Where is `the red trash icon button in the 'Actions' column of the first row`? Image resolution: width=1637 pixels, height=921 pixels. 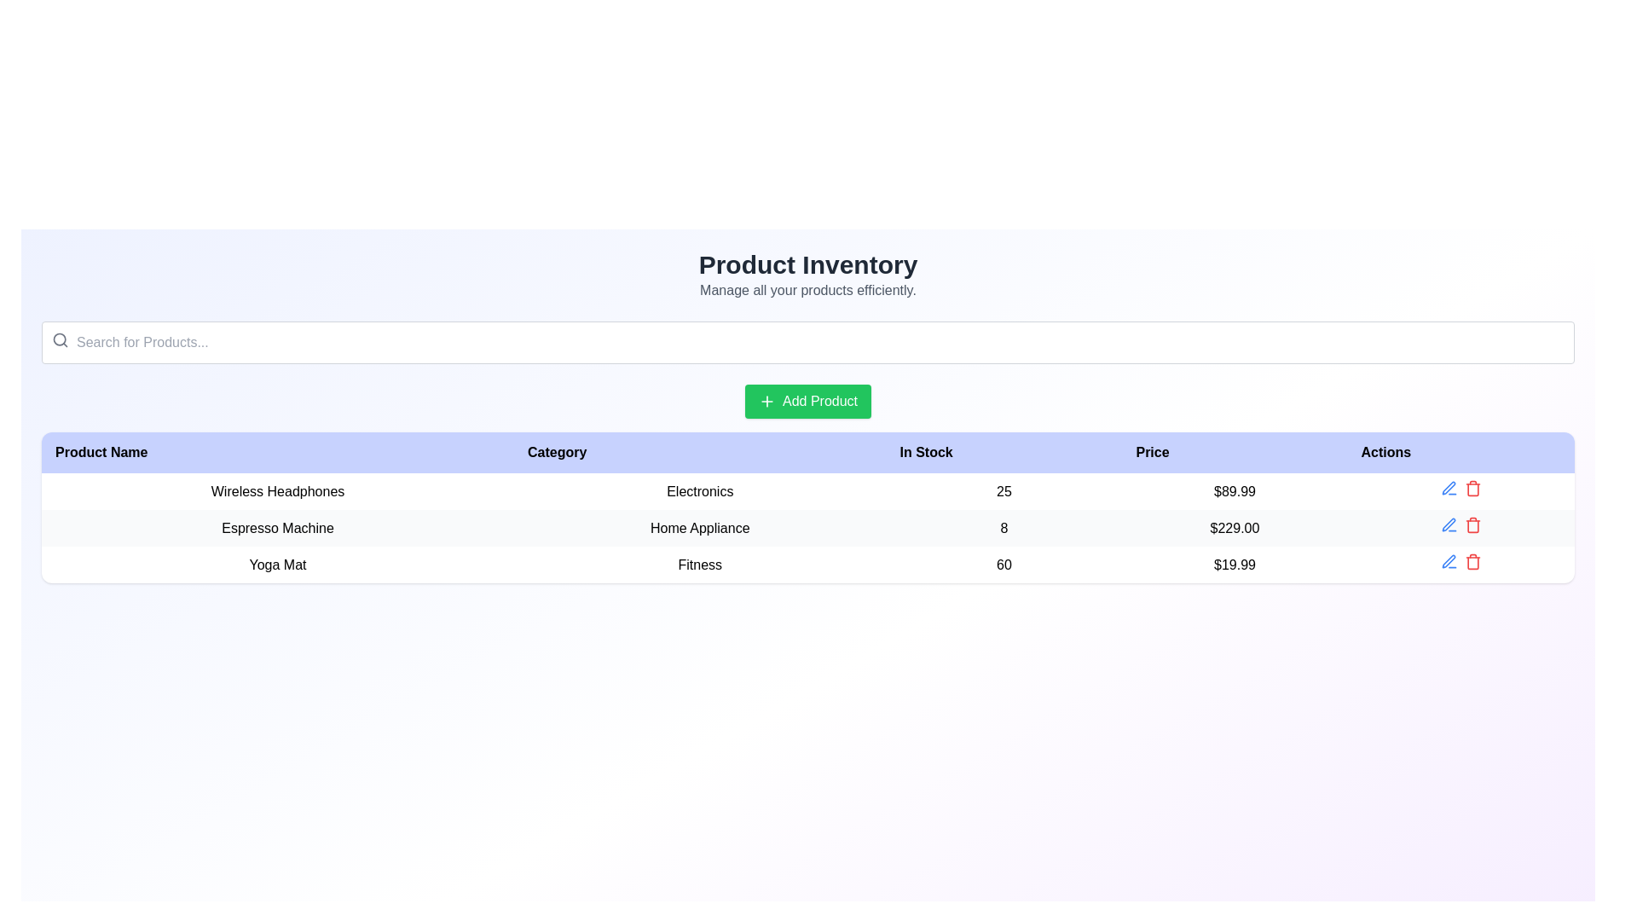 the red trash icon button in the 'Actions' column of the first row is located at coordinates (1472, 489).